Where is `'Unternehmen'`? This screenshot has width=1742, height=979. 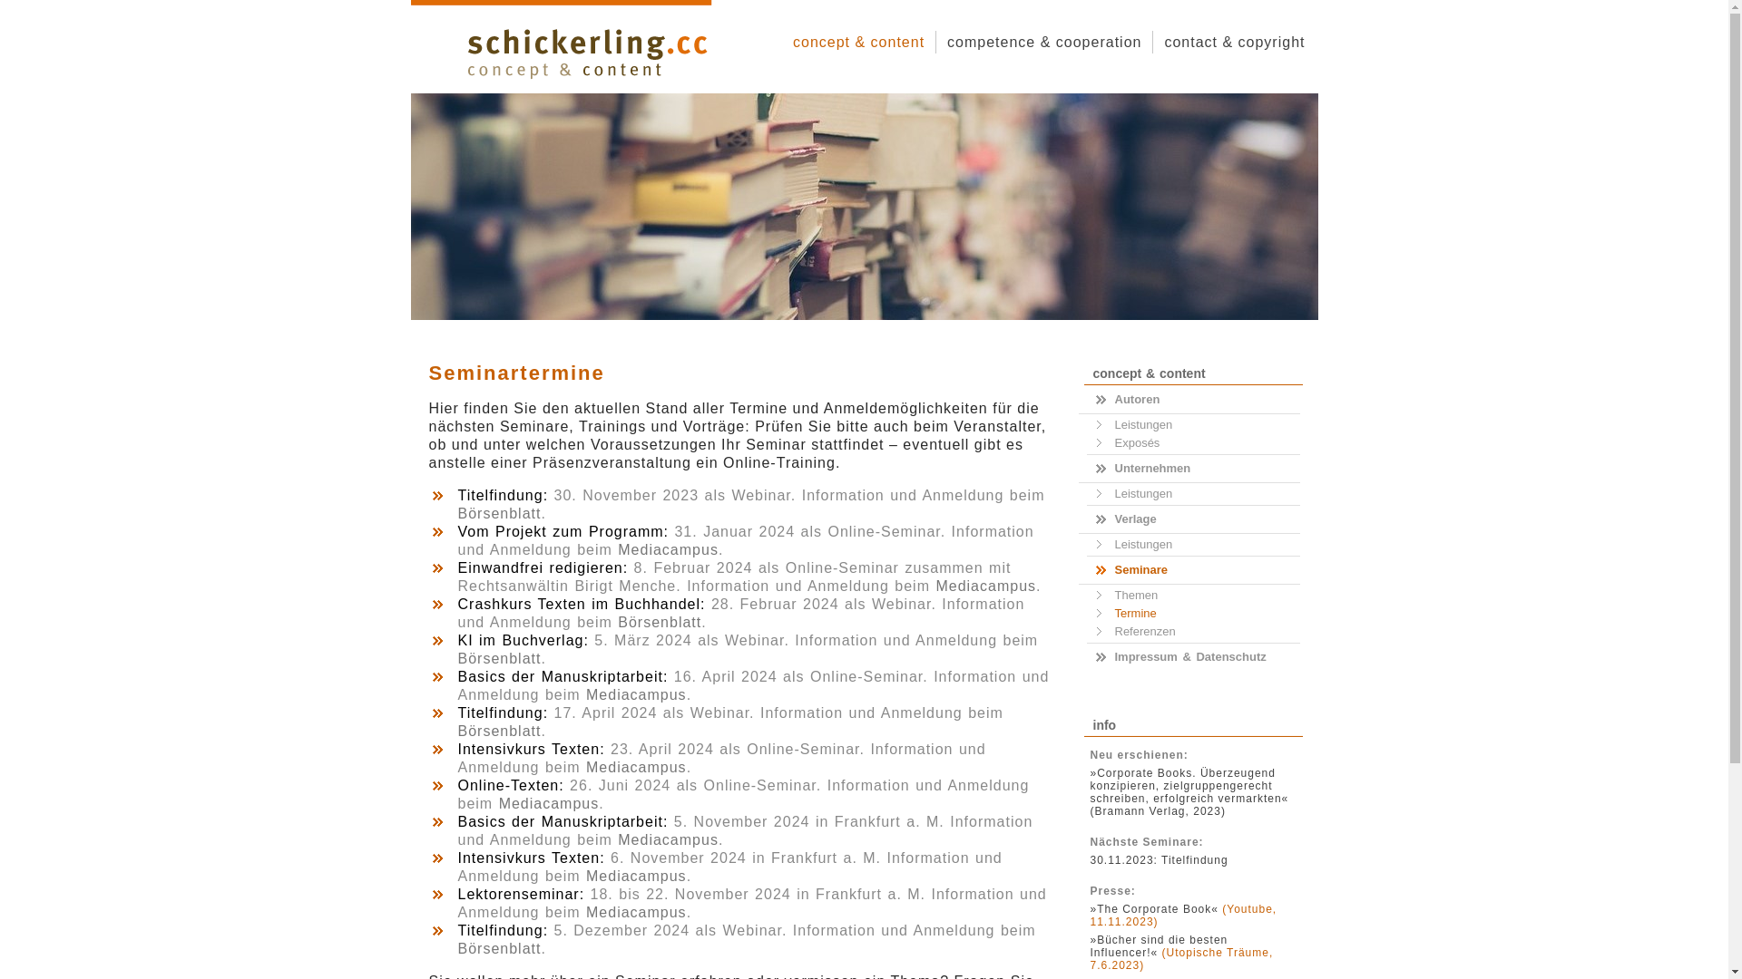 'Unternehmen' is located at coordinates (1193, 467).